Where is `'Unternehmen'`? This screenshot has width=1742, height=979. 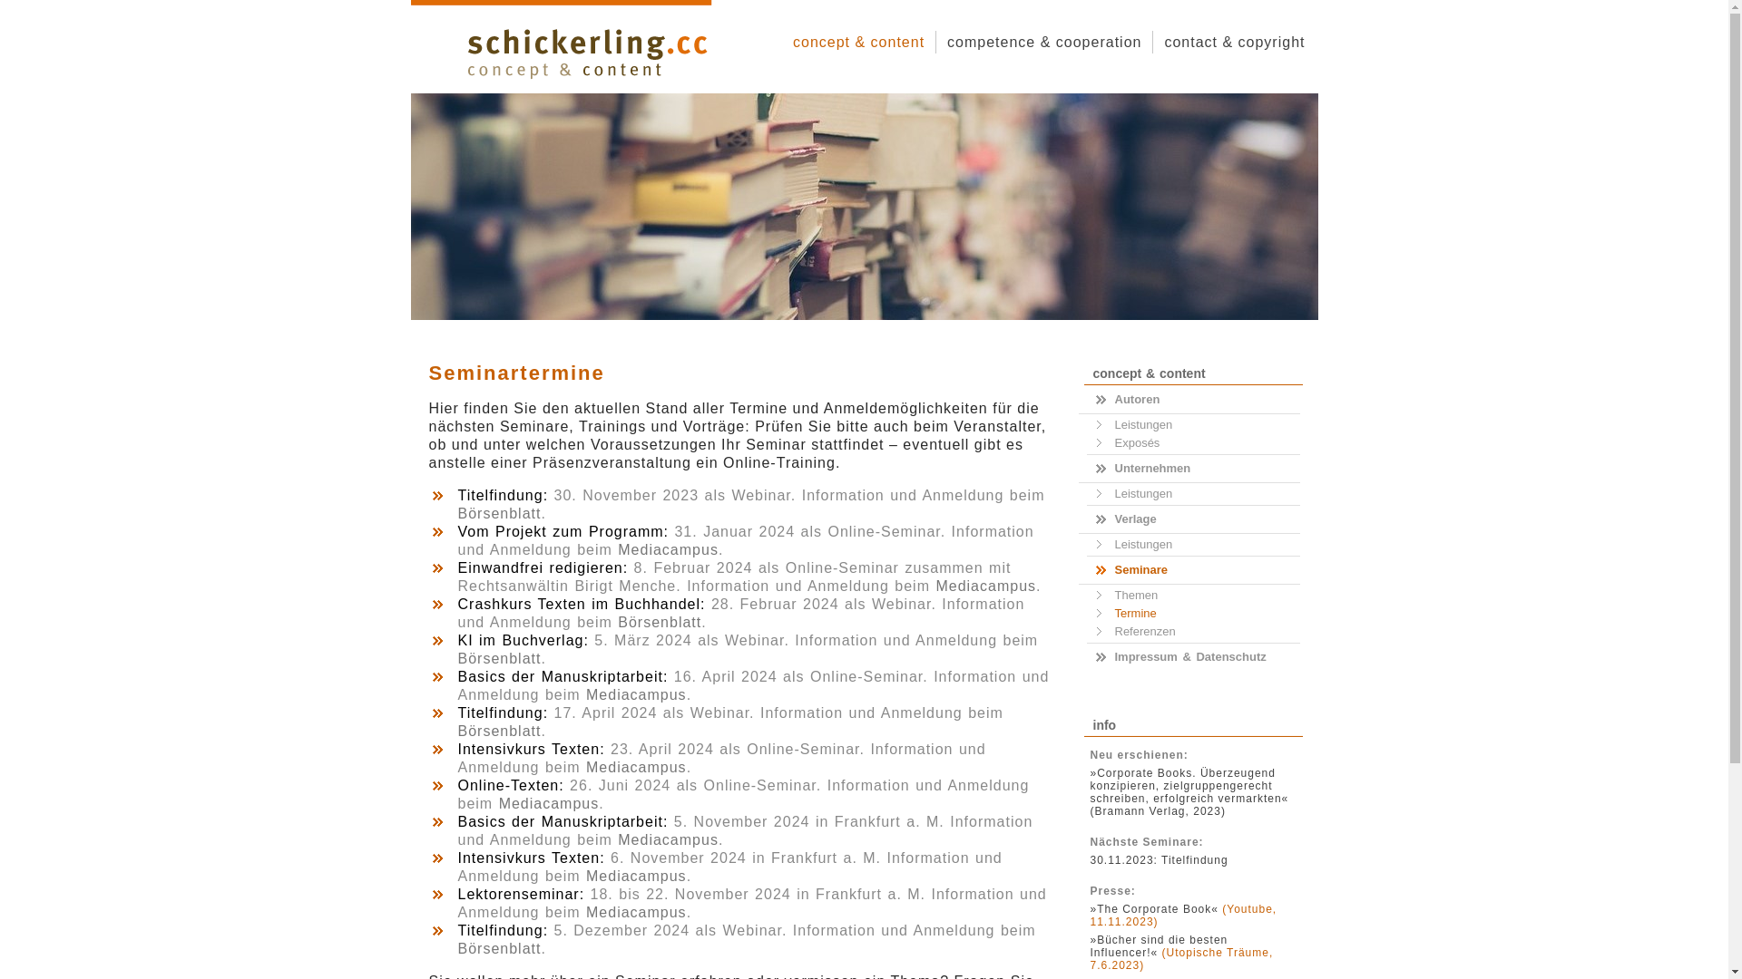 'Unternehmen' is located at coordinates (1193, 467).